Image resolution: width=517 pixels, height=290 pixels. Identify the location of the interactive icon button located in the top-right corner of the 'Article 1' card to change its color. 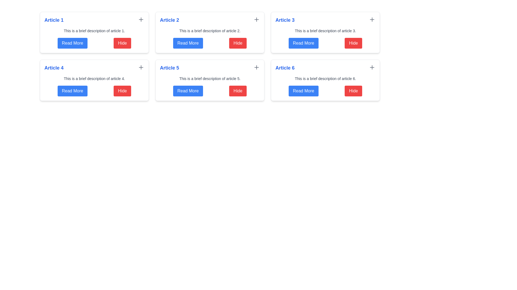
(141, 19).